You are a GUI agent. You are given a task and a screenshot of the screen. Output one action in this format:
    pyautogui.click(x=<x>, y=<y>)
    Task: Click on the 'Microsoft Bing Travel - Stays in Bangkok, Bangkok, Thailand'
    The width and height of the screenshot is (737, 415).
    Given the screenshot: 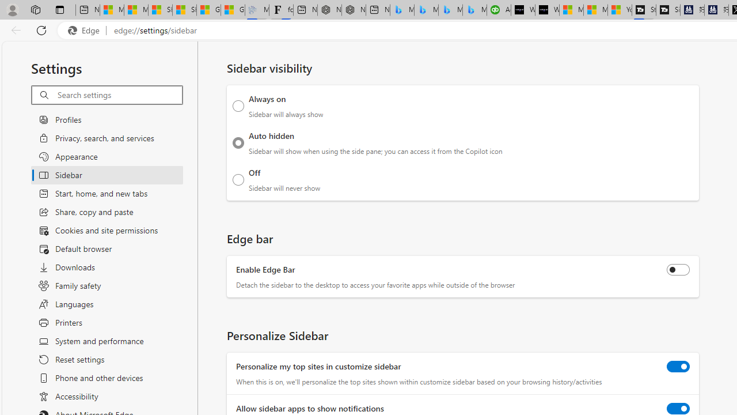 What is the action you would take?
    pyautogui.click(x=426, y=10)
    